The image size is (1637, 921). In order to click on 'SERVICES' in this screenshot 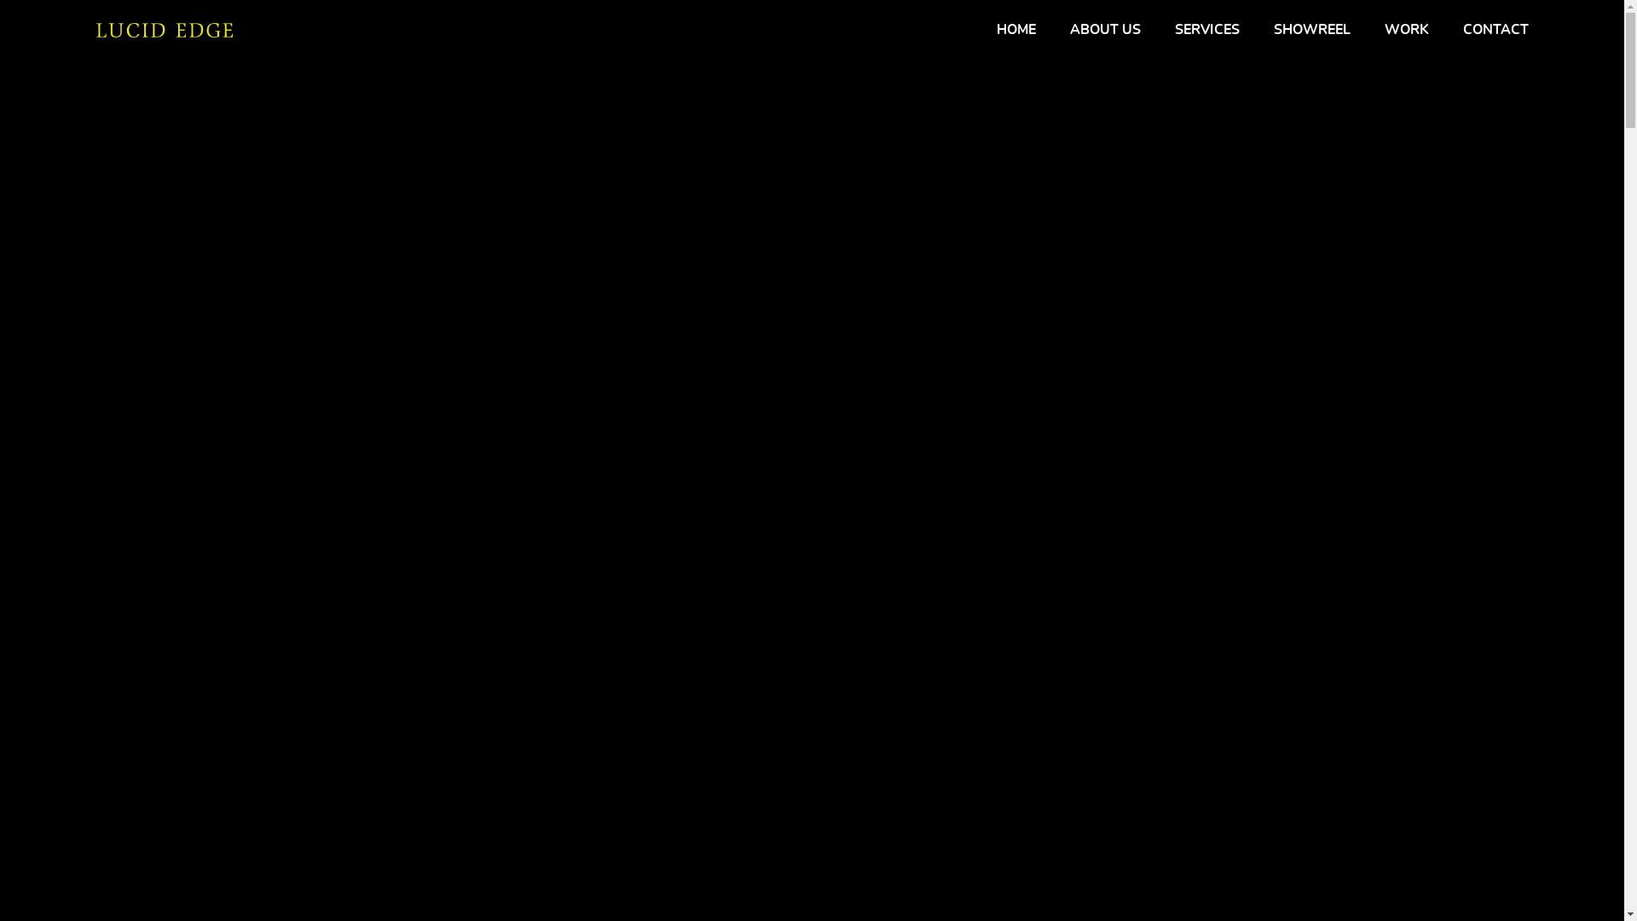, I will do `click(1206, 30)`.